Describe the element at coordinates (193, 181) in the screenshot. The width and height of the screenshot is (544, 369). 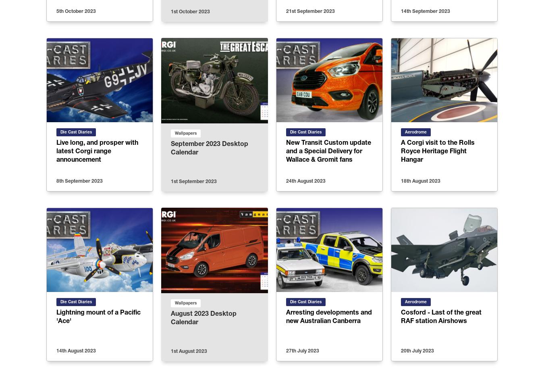
I see `'1st September 2023'` at that location.